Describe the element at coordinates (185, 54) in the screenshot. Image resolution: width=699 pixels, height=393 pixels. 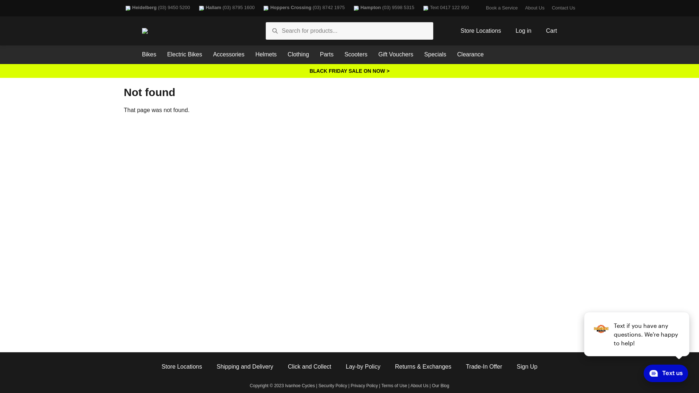
I see `'Electric Bikes'` at that location.